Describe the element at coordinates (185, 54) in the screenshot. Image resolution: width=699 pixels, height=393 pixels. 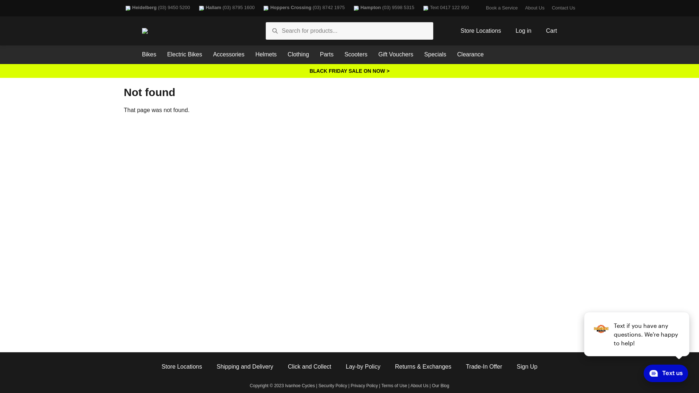
I see `'Electric Bikes'` at that location.